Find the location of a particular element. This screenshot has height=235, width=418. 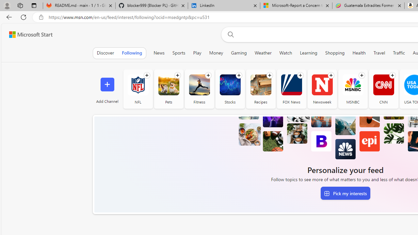

'Newsweek' is located at coordinates (322, 85).